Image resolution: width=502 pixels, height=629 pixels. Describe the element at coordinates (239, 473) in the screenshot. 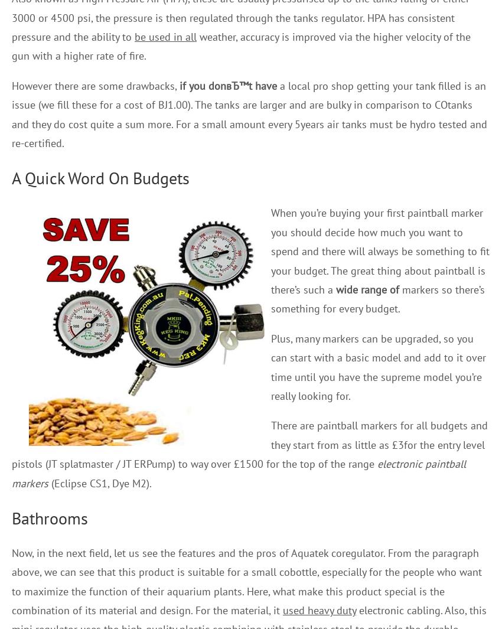

I see `'electronic paintball markers'` at that location.